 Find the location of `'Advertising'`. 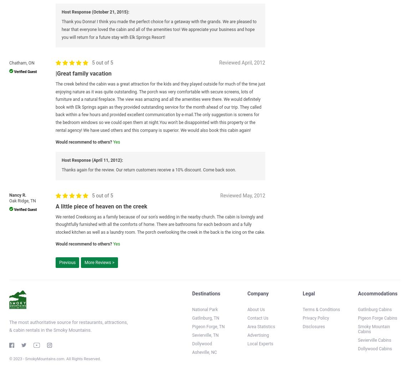

'Advertising' is located at coordinates (258, 335).